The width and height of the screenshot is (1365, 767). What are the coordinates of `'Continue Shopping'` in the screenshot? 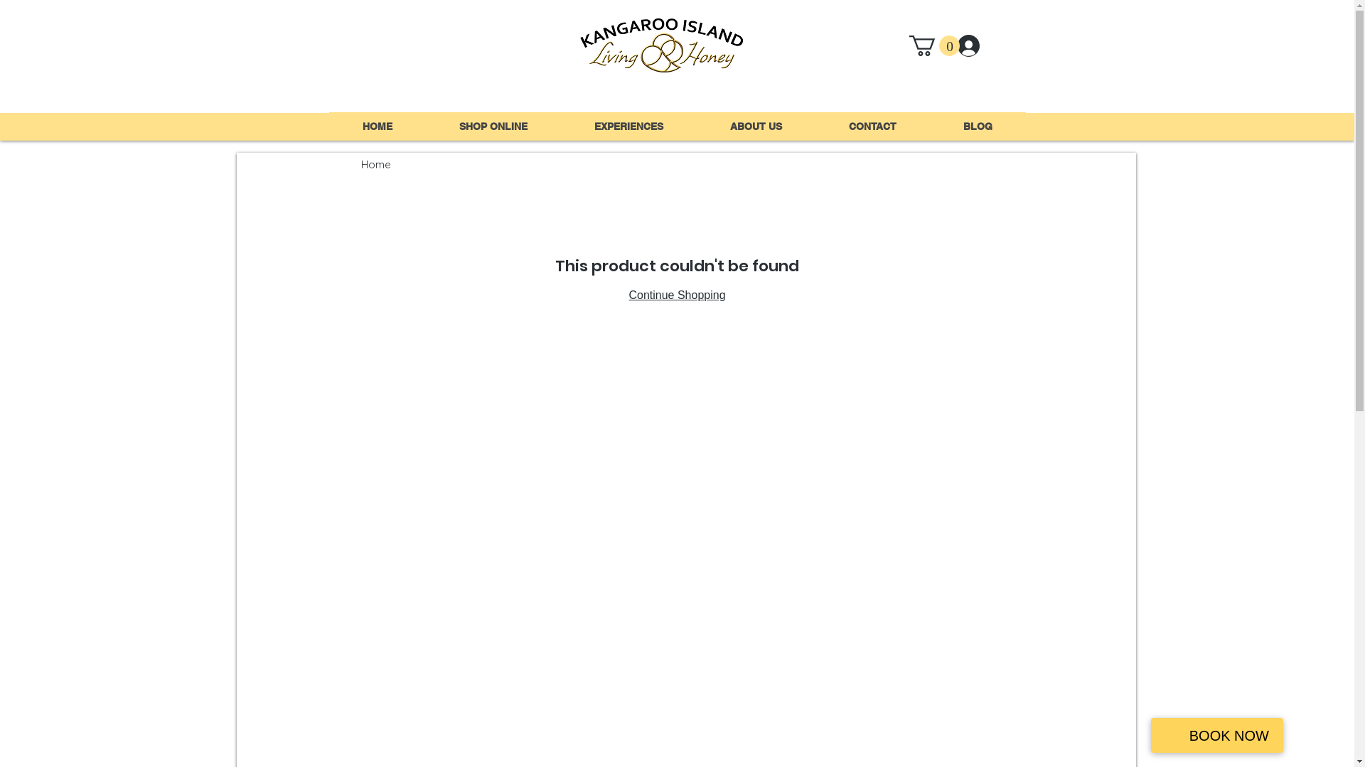 It's located at (627, 294).